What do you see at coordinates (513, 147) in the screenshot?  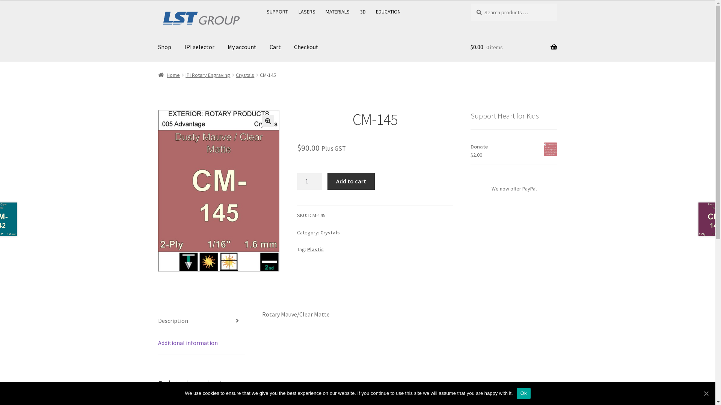 I see `'Donate'` at bounding box center [513, 147].